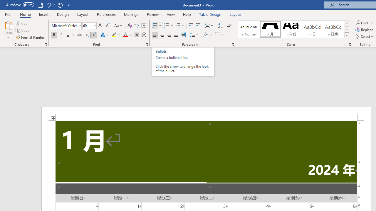  What do you see at coordinates (206, 114) in the screenshot?
I see `'Header -Section 1-'` at bounding box center [206, 114].